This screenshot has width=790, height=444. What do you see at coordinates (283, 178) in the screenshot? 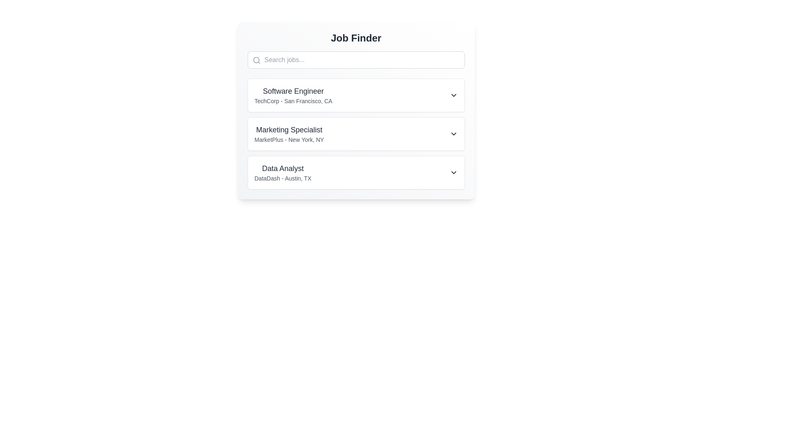
I see `the text element that provides additional details about the job title, specifically the employer's name and location, located directly below the 'Data Analyst' title` at bounding box center [283, 178].